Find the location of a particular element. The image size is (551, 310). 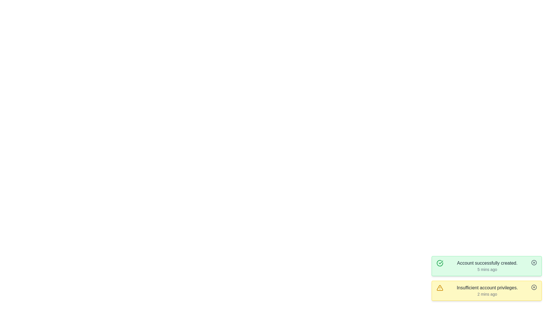

the text label that indicates the timing of the notification, positioned beneath 'Insufficient account privileges.' in a yellow notification box is located at coordinates (487, 294).